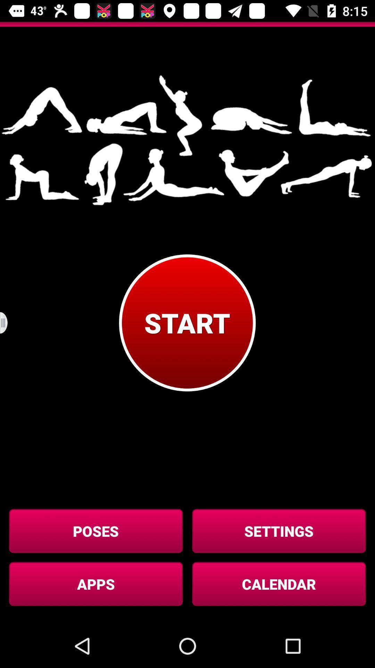 The width and height of the screenshot is (375, 668). What do you see at coordinates (8, 323) in the screenshot?
I see `the button to the left of the start` at bounding box center [8, 323].